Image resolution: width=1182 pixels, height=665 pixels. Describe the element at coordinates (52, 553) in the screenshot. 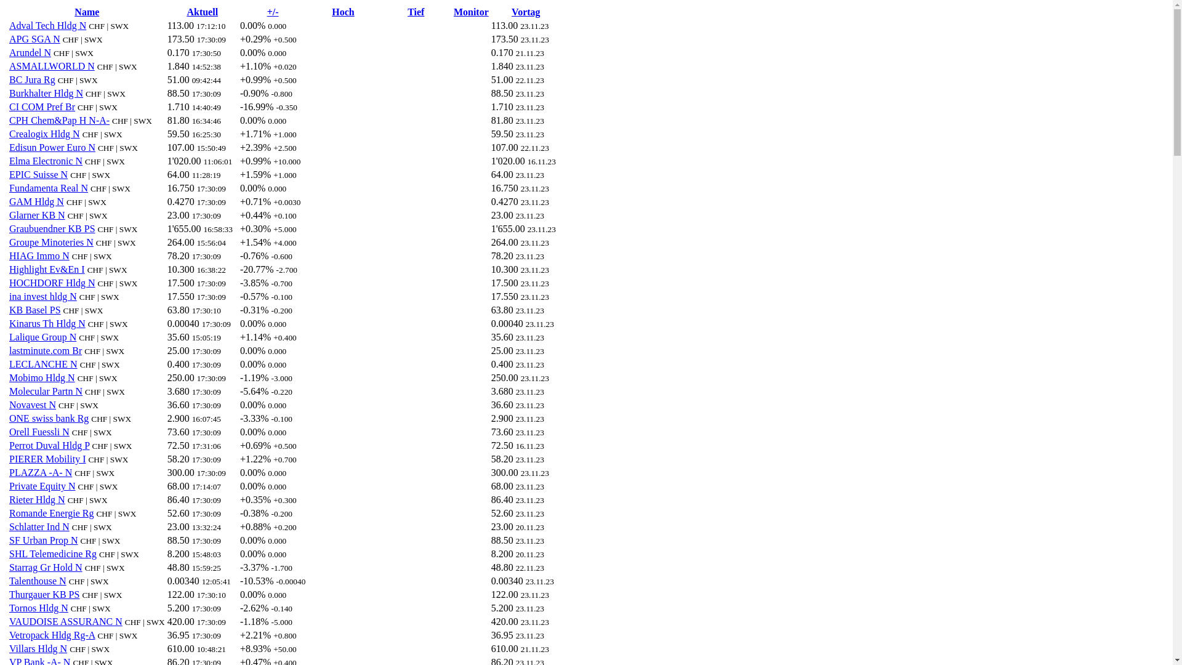

I see `'SHL Telemedicine Rg'` at that location.